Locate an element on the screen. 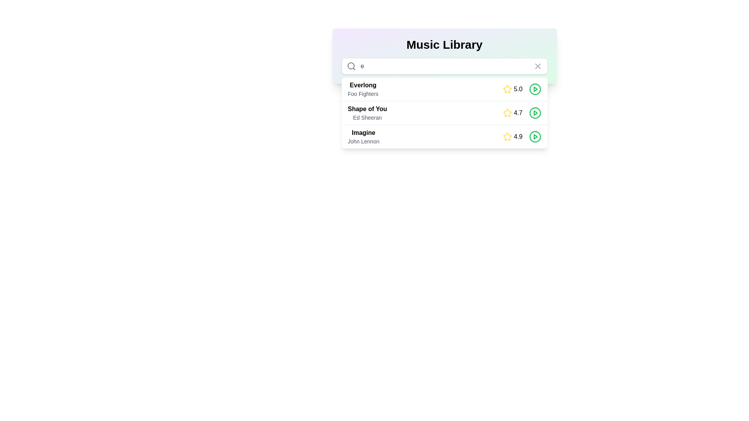  the play button of the first song entry in the 'Music Library' dropdown menu to play the song is located at coordinates (444, 89).